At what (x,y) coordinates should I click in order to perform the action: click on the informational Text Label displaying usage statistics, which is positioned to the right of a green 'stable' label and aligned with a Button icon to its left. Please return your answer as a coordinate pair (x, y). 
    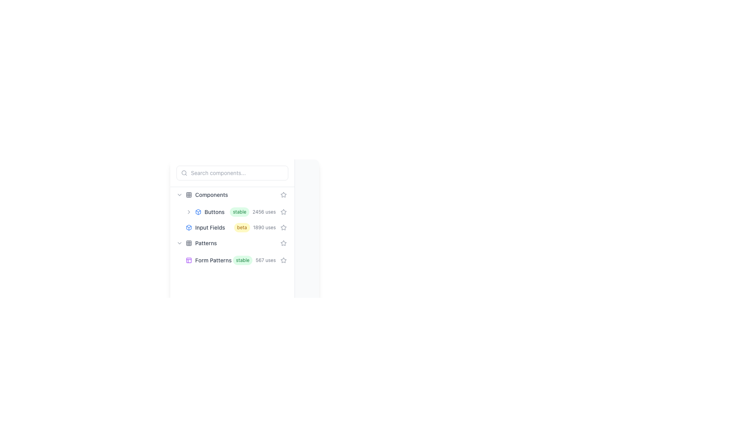
    Looking at the image, I should click on (264, 212).